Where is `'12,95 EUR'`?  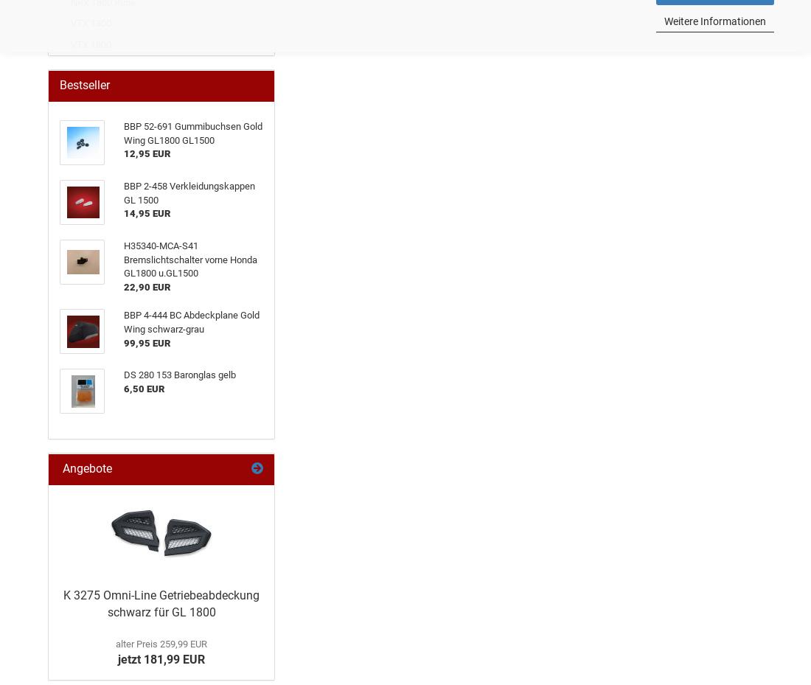 '12,95 EUR' is located at coordinates (146, 153).